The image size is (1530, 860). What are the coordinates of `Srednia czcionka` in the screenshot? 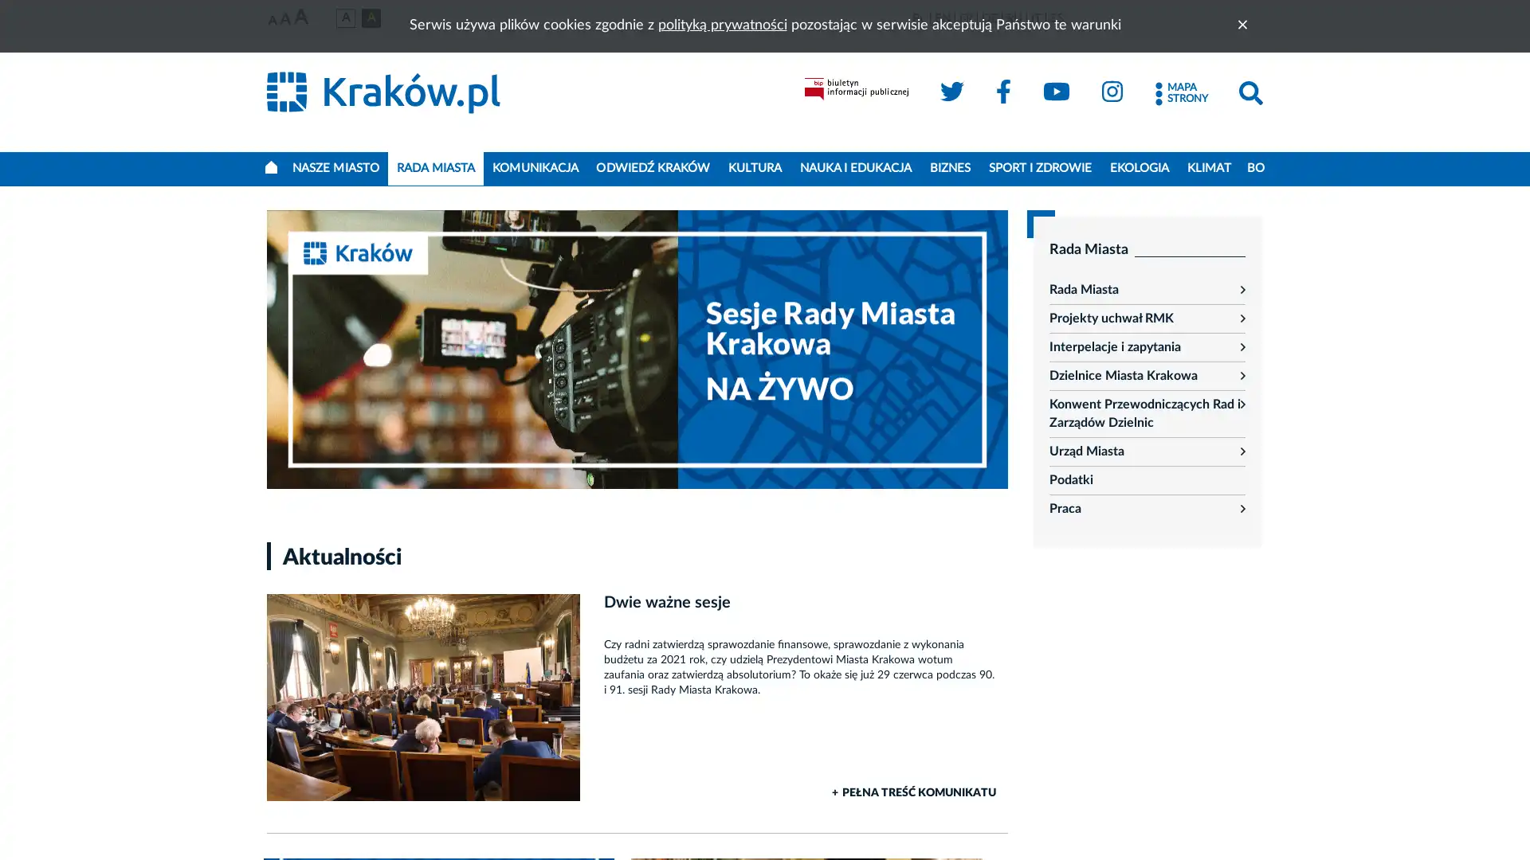 It's located at (285, 19).